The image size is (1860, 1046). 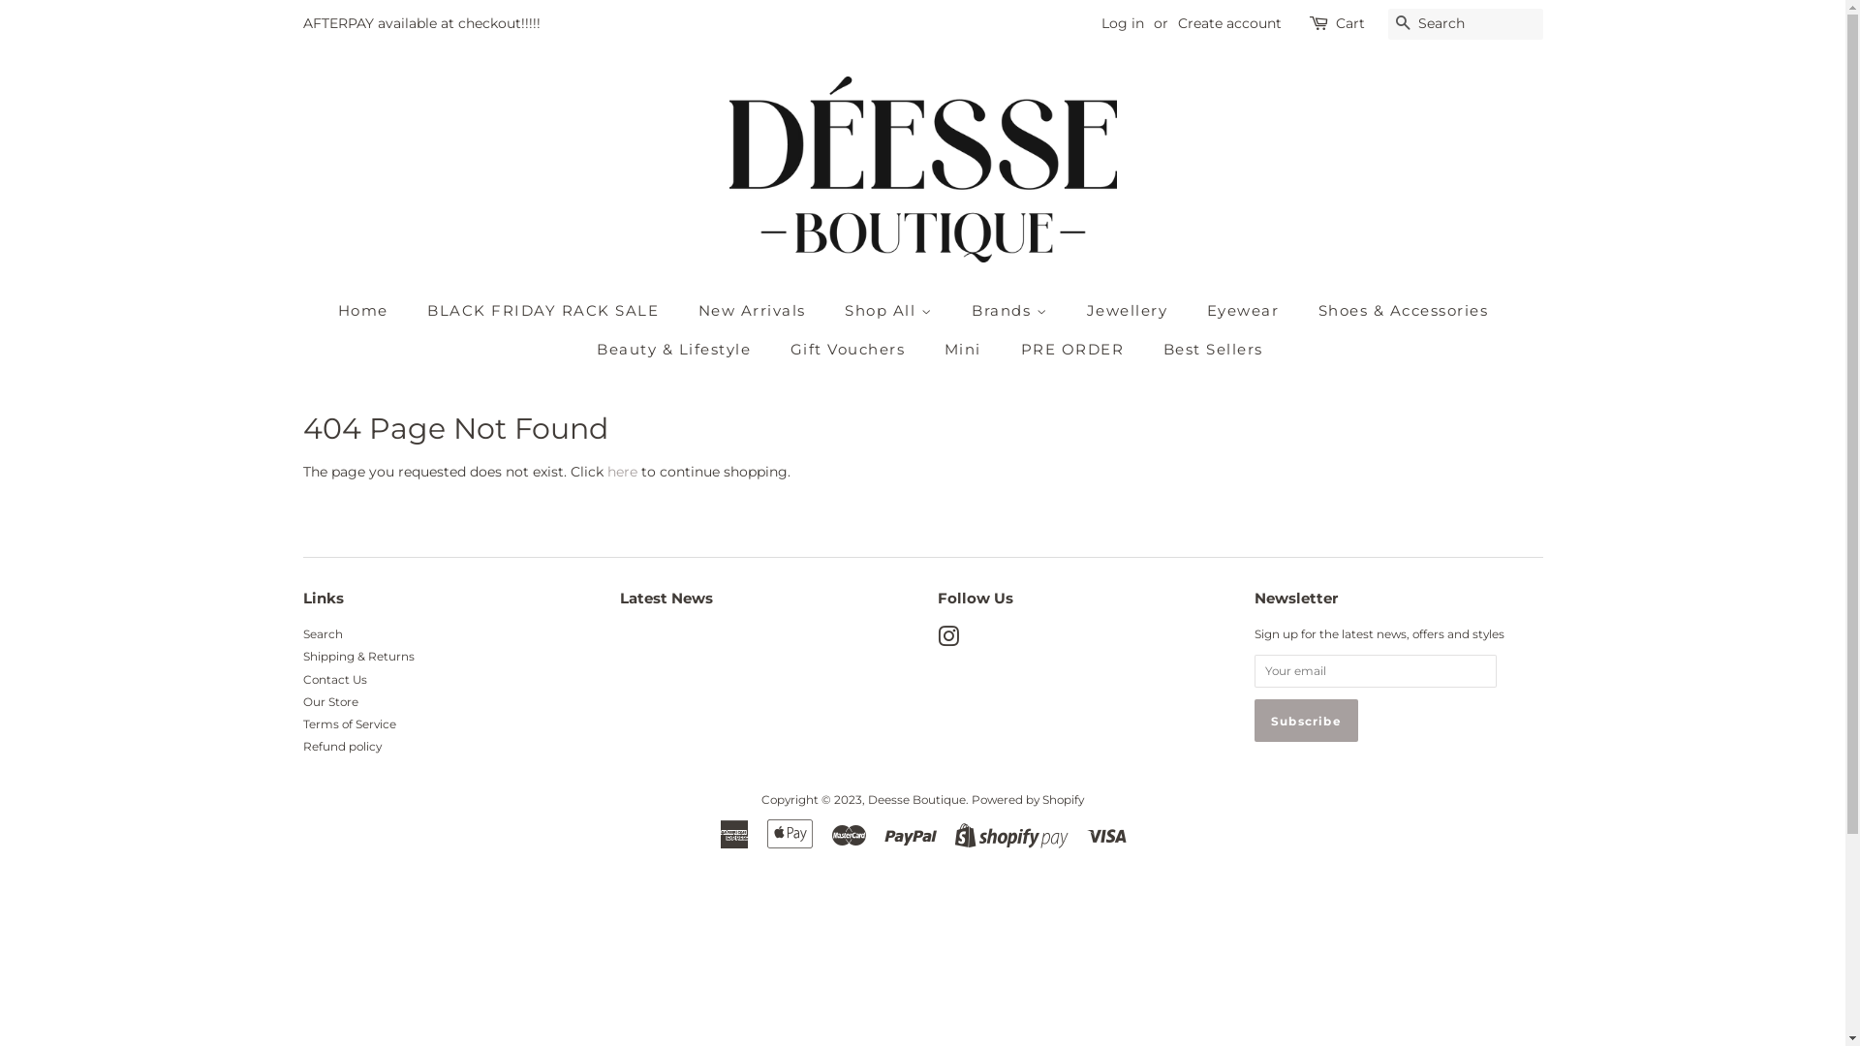 What do you see at coordinates (1306, 721) in the screenshot?
I see `'Subscribe'` at bounding box center [1306, 721].